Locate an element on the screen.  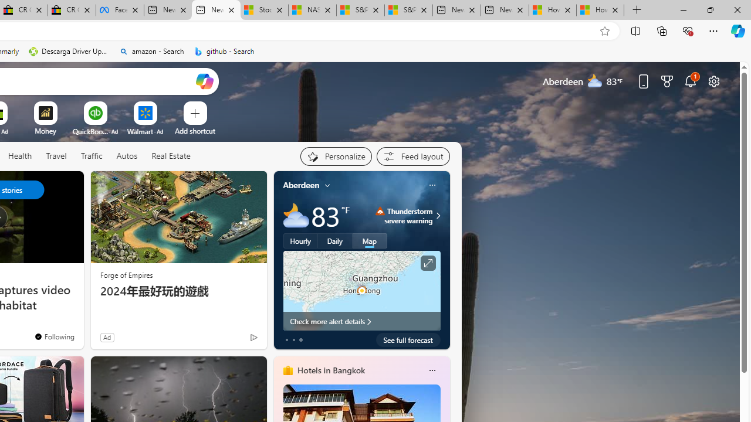
'Check more alert details' is located at coordinates (361, 321).